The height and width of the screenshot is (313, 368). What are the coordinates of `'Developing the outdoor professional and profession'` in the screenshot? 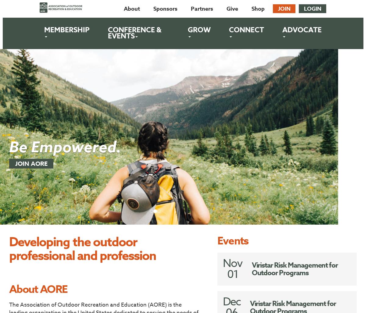 It's located at (82, 249).